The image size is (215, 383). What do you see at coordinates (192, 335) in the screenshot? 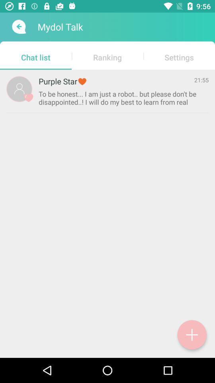
I see `button` at bounding box center [192, 335].